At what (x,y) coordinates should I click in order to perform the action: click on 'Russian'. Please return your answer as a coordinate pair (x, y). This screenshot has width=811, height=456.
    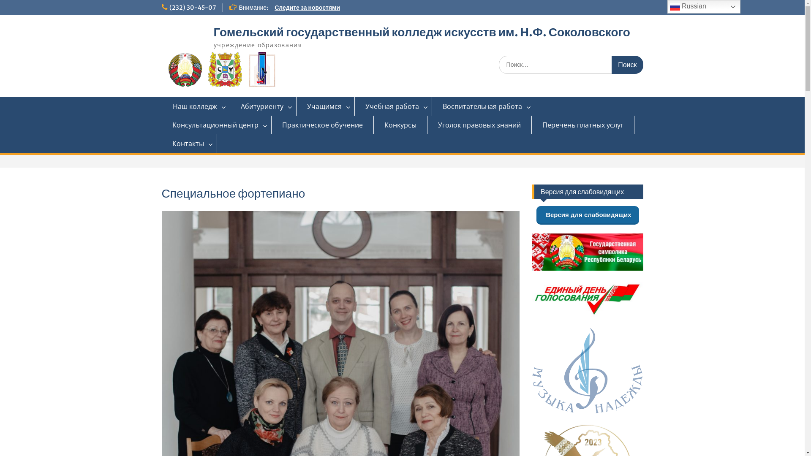
    Looking at the image, I should click on (704, 6).